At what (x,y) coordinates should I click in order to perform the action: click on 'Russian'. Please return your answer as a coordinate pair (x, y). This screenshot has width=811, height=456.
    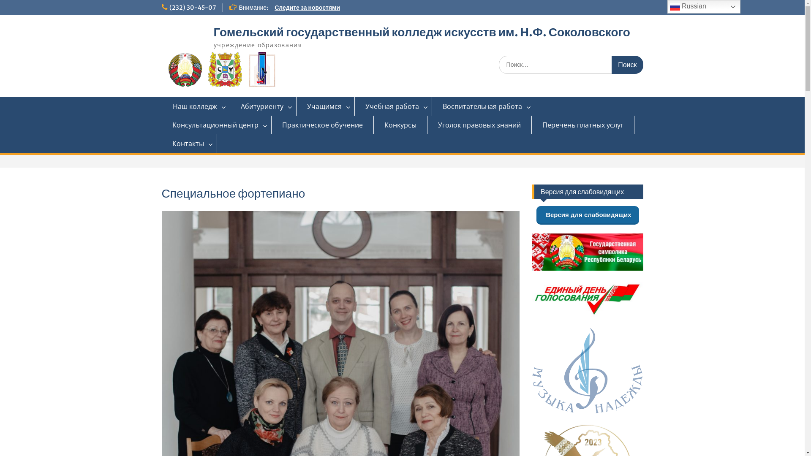
    Looking at the image, I should click on (704, 6).